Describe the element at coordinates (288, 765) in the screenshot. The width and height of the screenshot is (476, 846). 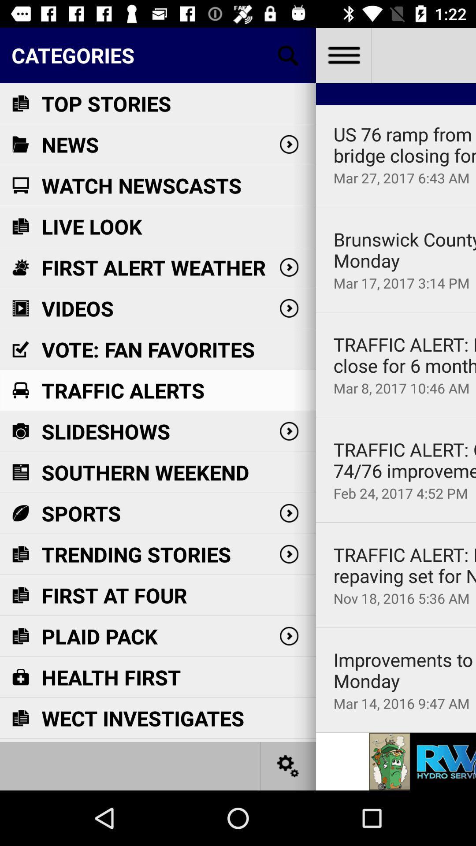
I see `the settings icon` at that location.